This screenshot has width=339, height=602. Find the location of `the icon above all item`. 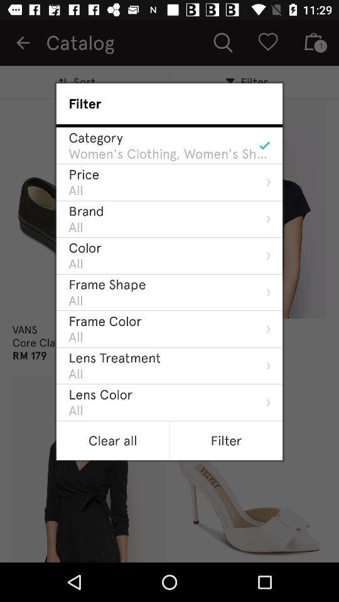

the icon above all item is located at coordinates (107, 284).